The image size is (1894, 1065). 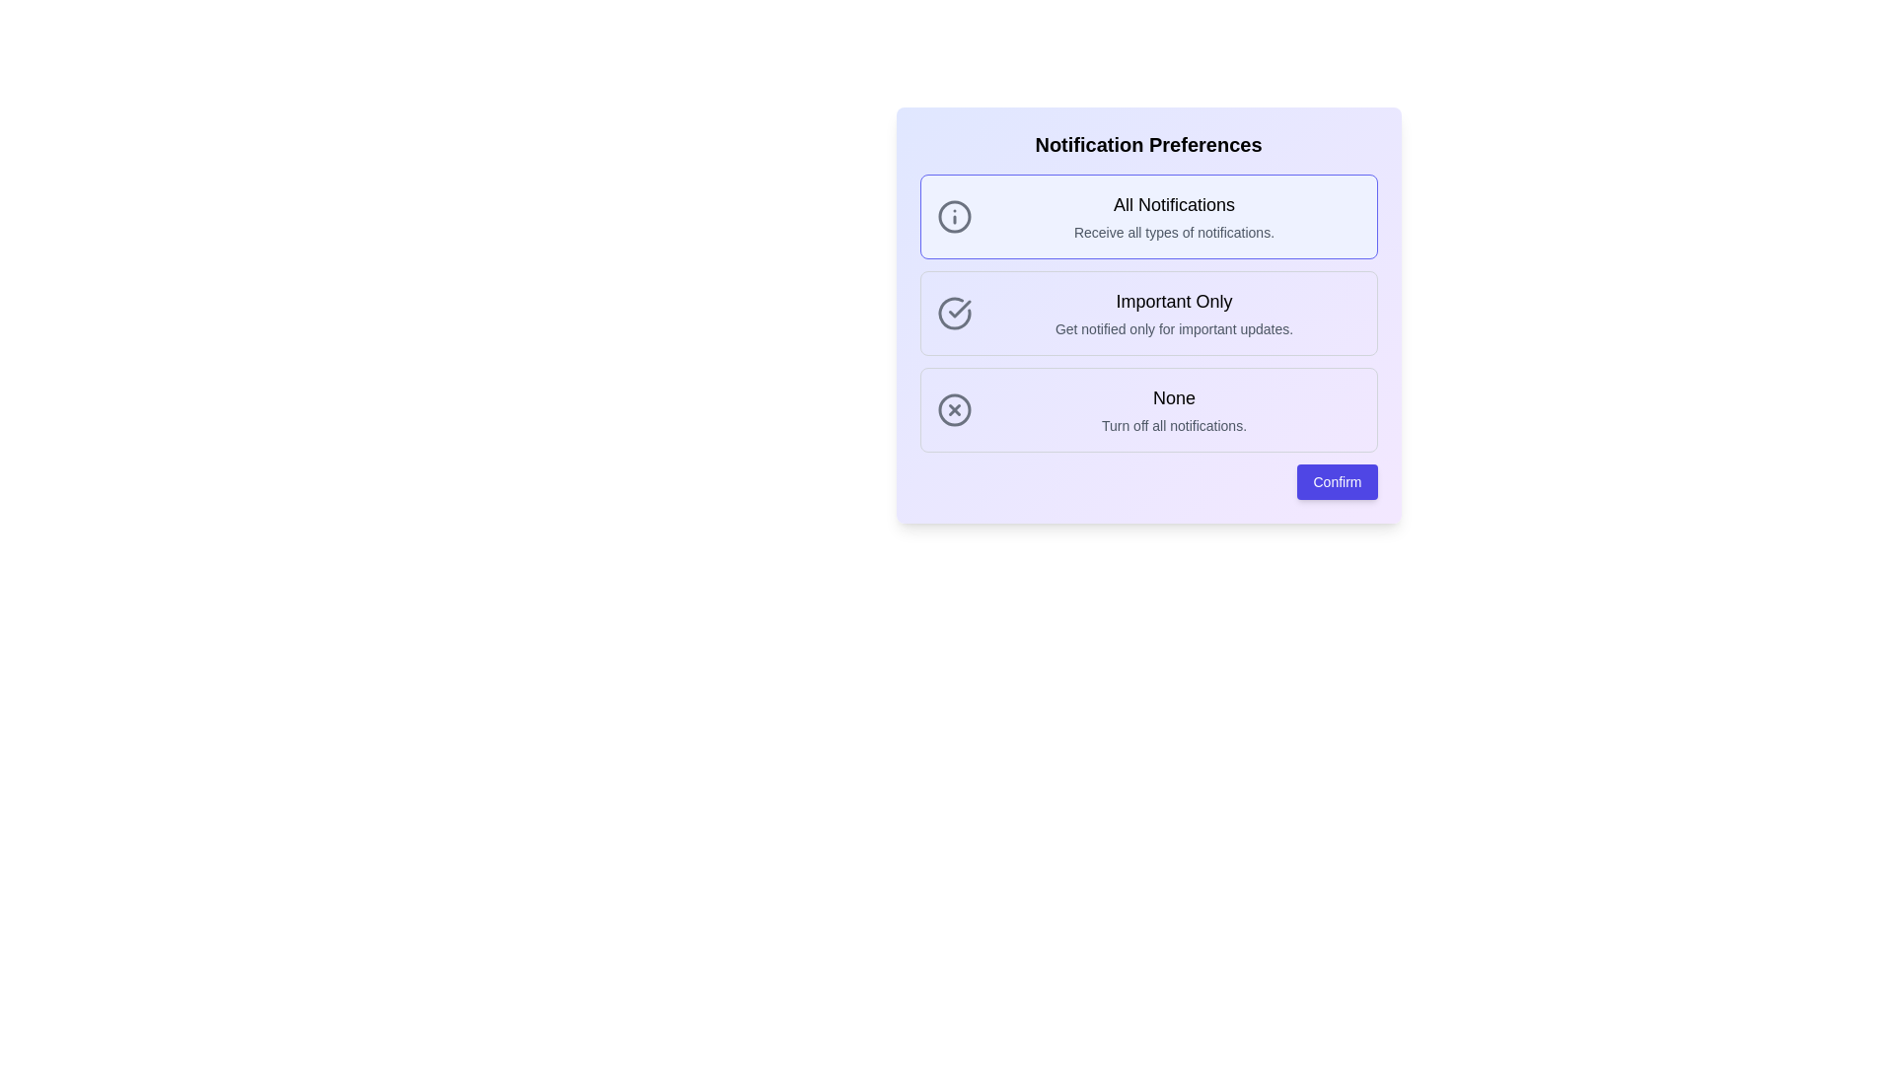 I want to click on the third option in the 'Notification Preferences' panel, so click(x=1174, y=409).